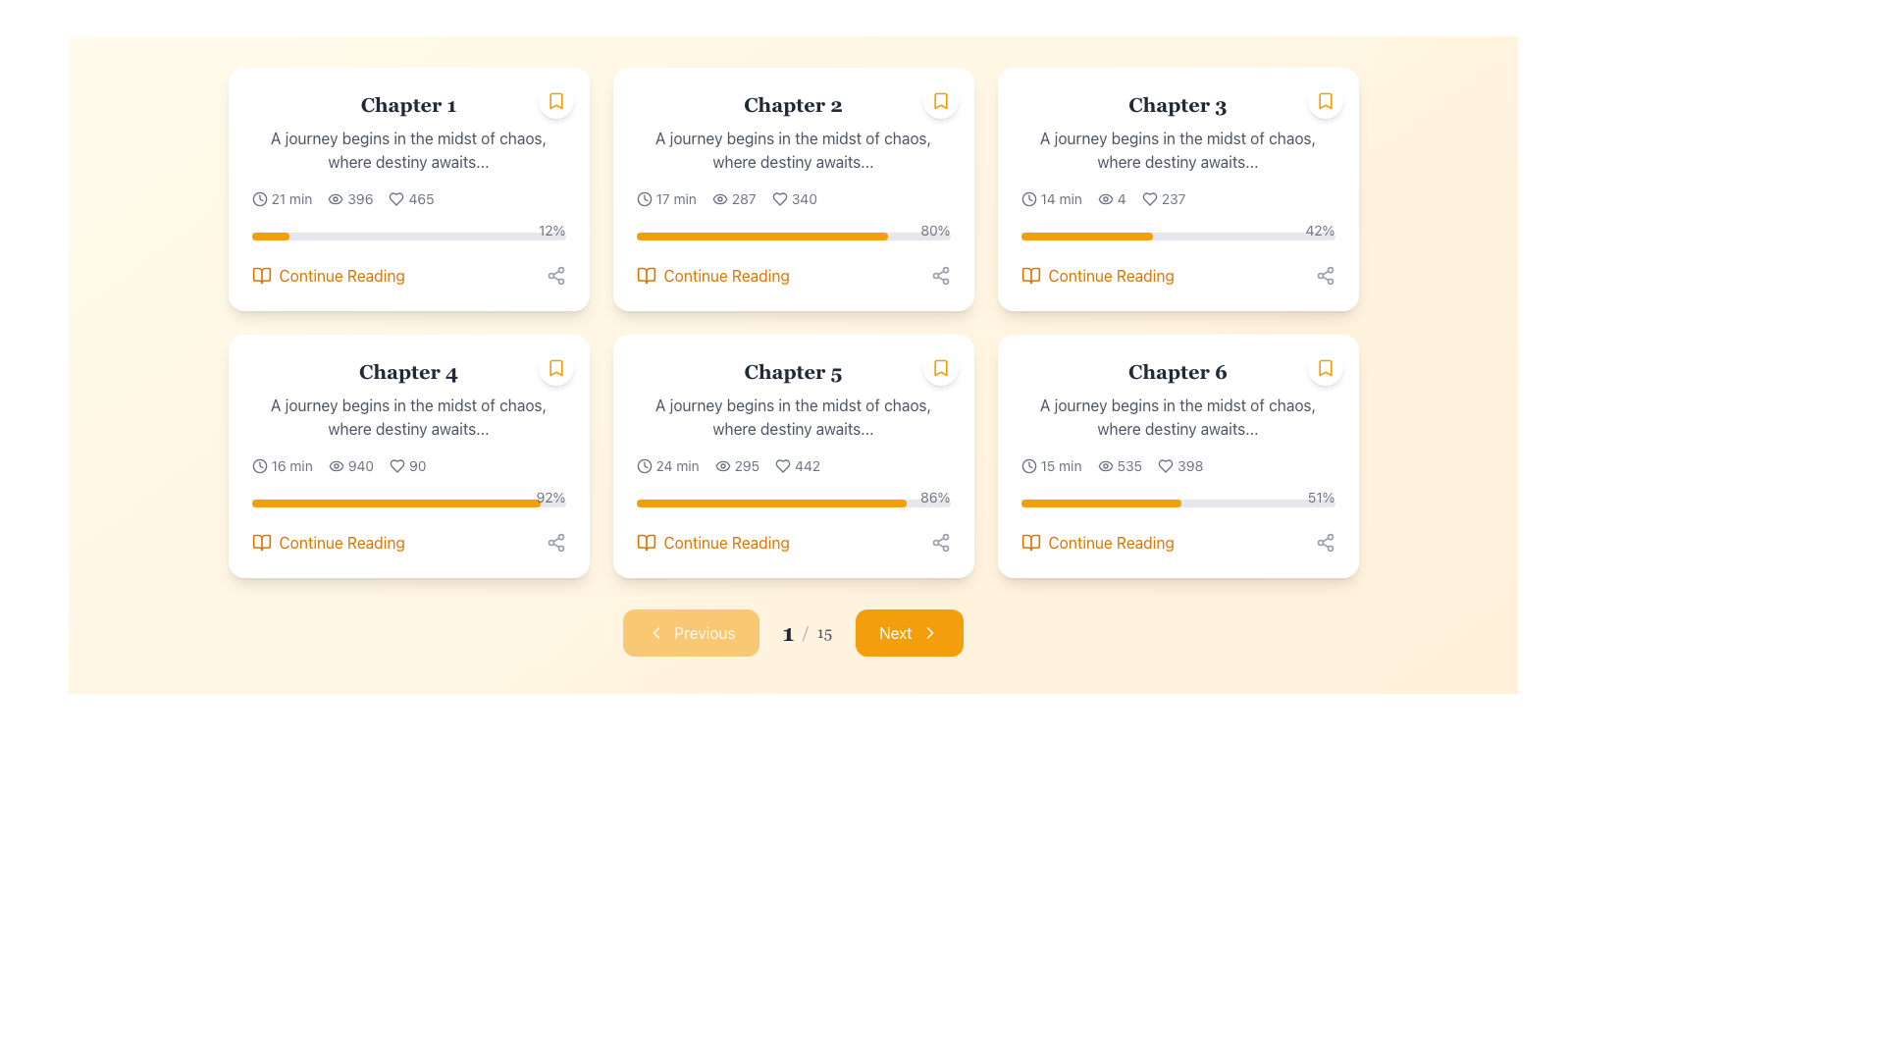  Describe the element at coordinates (808, 465) in the screenshot. I see `the numerical text display '442', which is bold and positioned next to a heart icon, indicating likes or favorites count` at that location.